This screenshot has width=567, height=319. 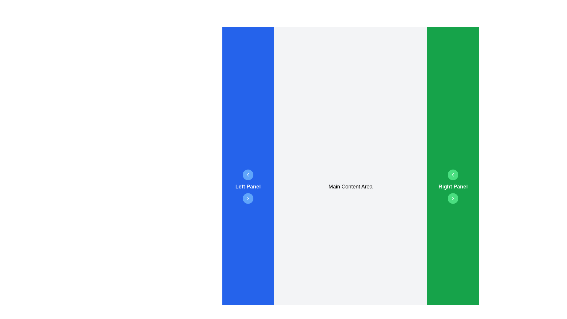 I want to click on the left-pointing chevron icon with a white stroke on a green circular background, so click(x=453, y=174).